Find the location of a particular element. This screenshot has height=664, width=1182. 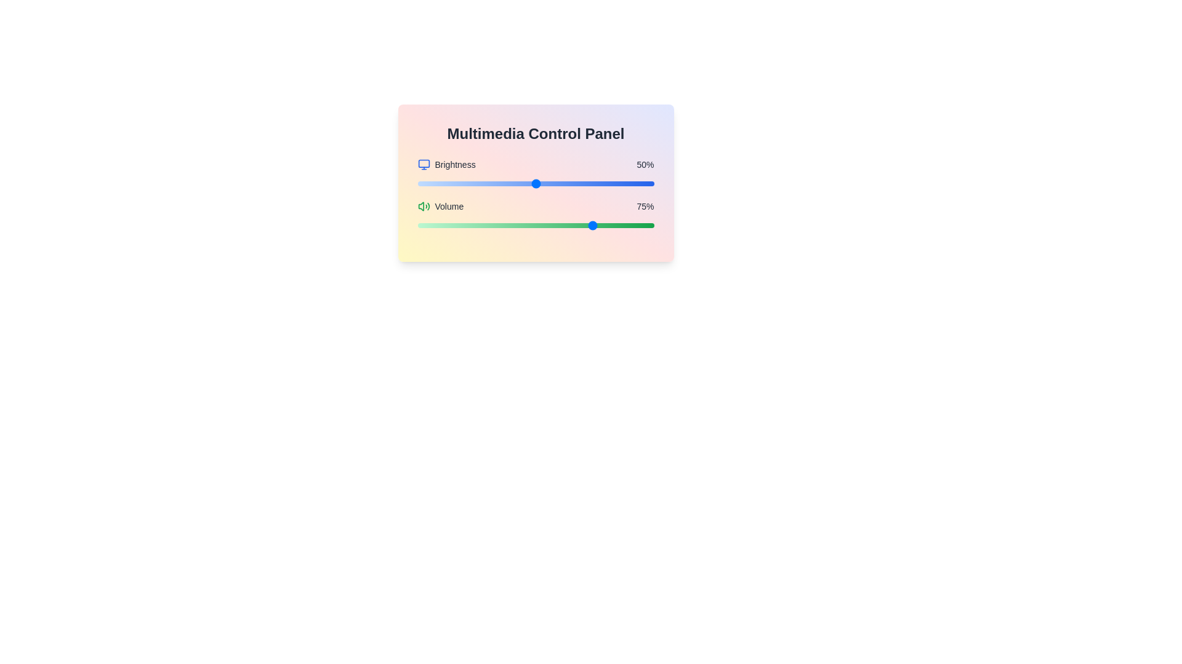

the brightness slider to set the brightness to 49% is located at coordinates (533, 184).